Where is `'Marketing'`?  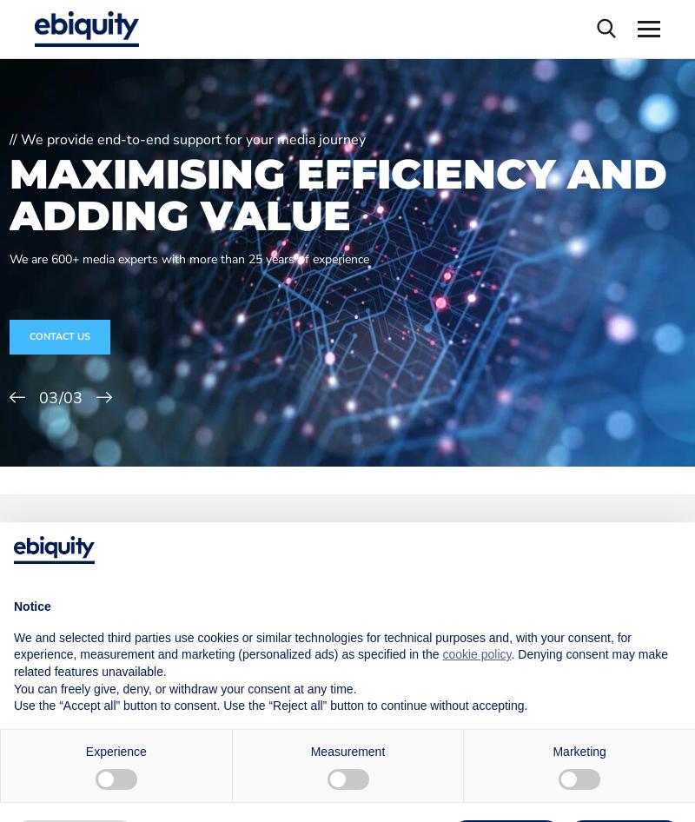 'Marketing' is located at coordinates (578, 750).